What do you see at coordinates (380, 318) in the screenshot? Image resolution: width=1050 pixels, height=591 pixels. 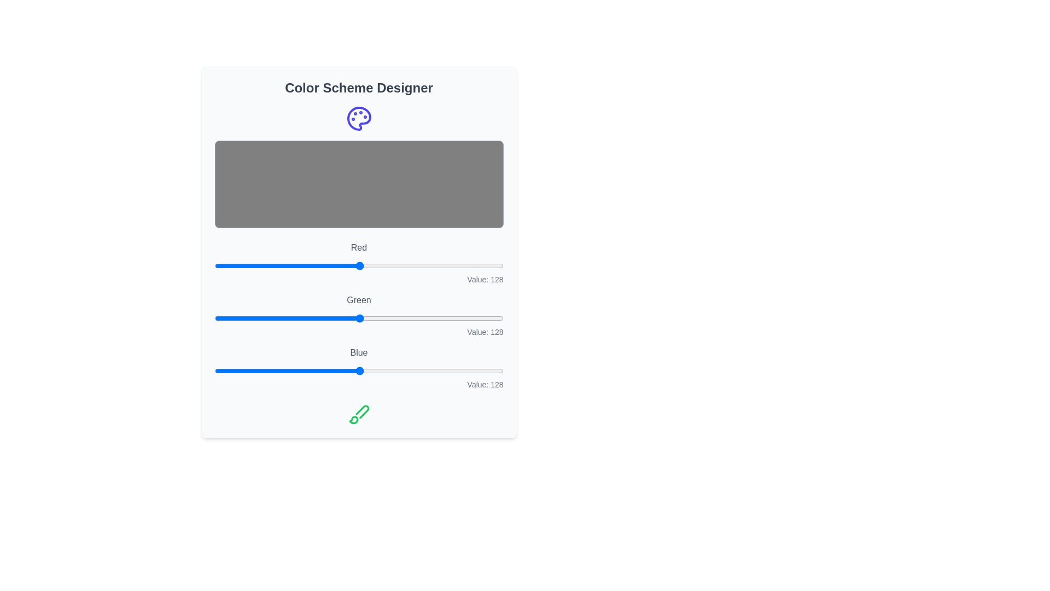 I see `the slider` at bounding box center [380, 318].